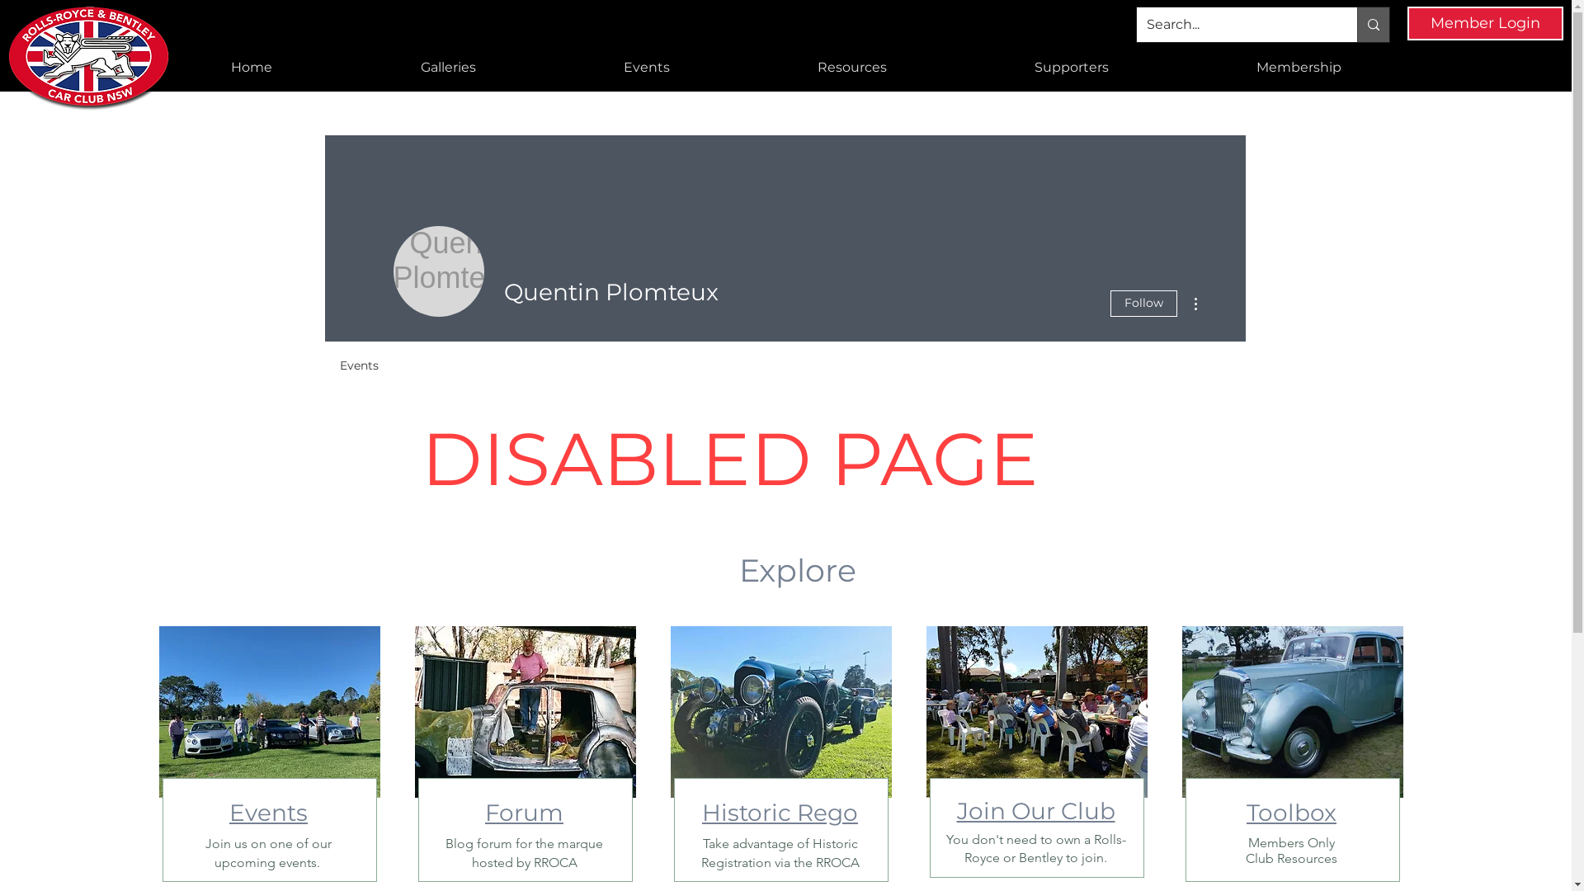  I want to click on 'Toolbox', so click(1290, 811).